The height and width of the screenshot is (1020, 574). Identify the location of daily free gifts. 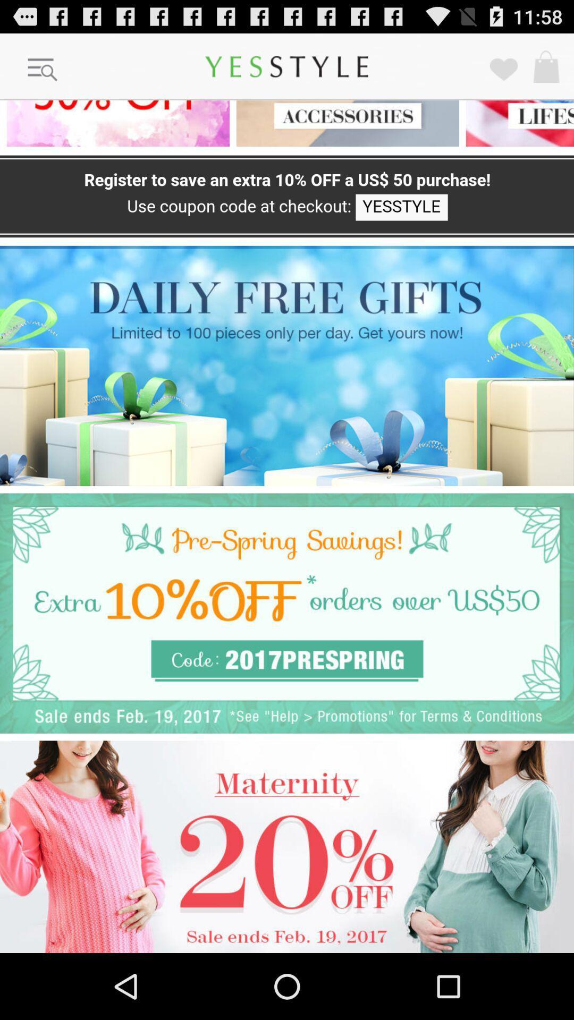
(287, 365).